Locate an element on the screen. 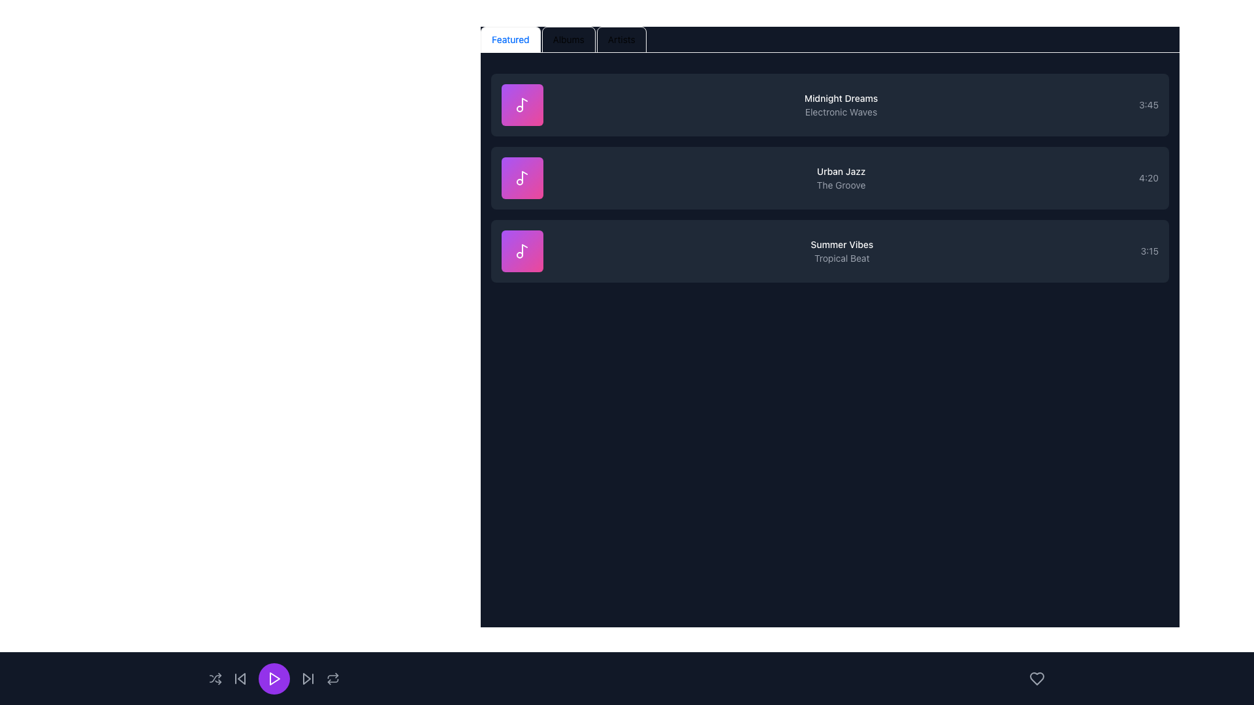 Image resolution: width=1254 pixels, height=705 pixels. text content of the subtitle label located below the 'Summer Vibes' title in the third row of the vertical list layout is located at coordinates (842, 258).